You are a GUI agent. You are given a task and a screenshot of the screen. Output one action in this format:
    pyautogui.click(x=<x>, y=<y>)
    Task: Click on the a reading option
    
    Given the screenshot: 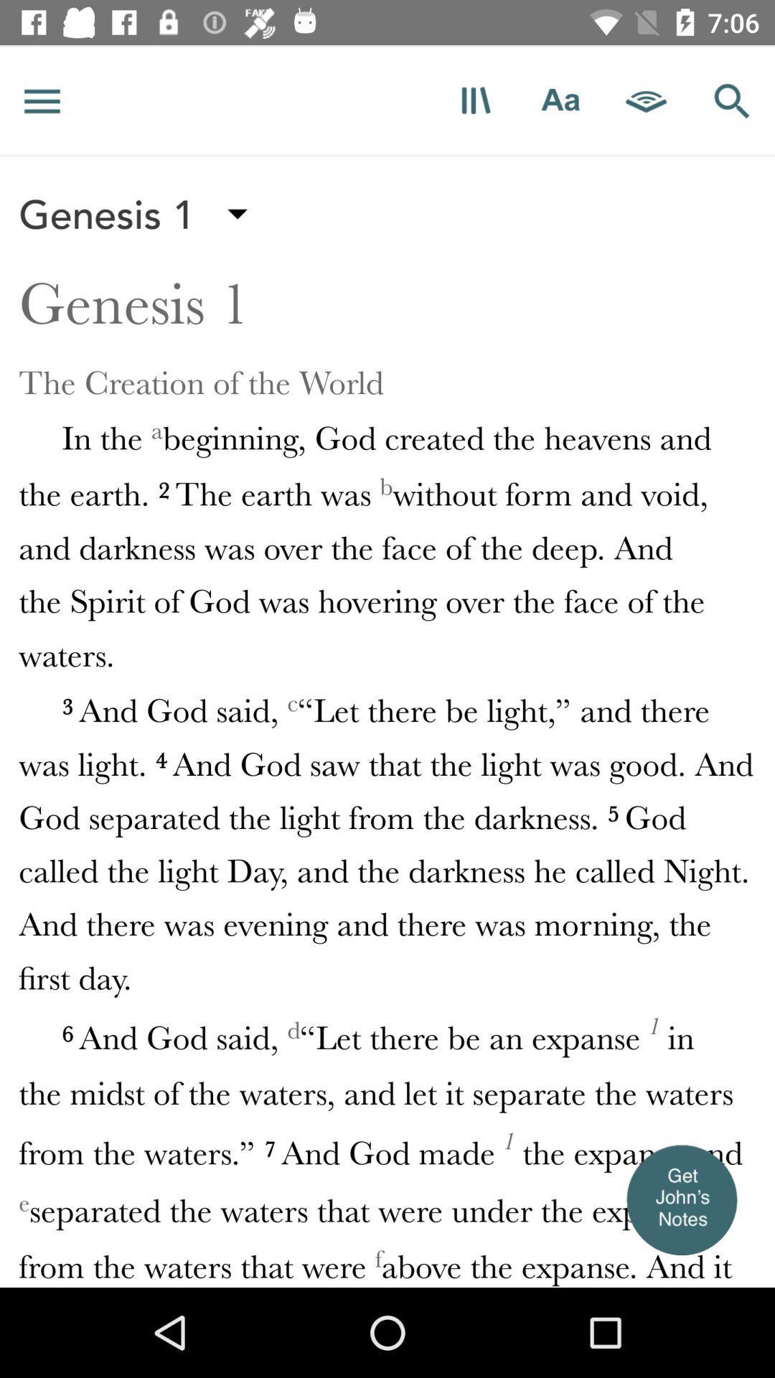 What is the action you would take?
    pyautogui.click(x=647, y=100)
    